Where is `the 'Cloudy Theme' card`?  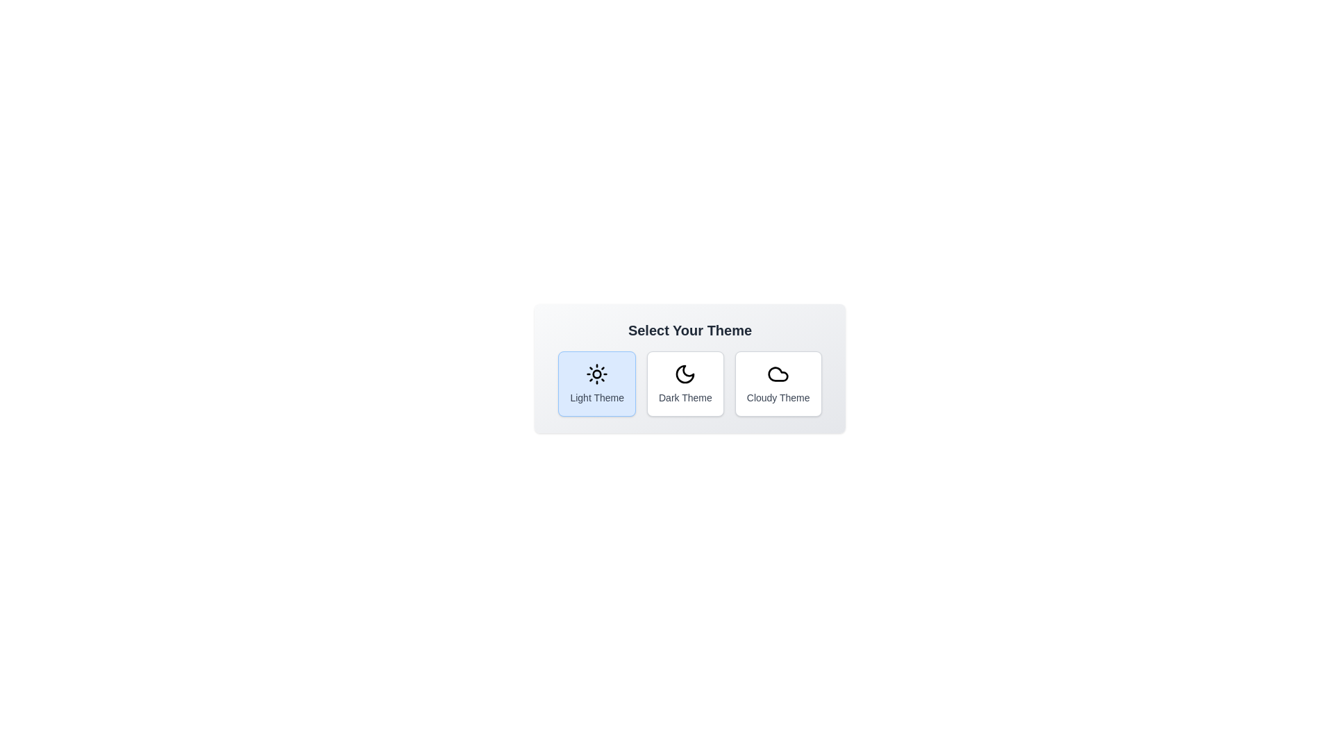
the 'Cloudy Theme' card is located at coordinates (778, 374).